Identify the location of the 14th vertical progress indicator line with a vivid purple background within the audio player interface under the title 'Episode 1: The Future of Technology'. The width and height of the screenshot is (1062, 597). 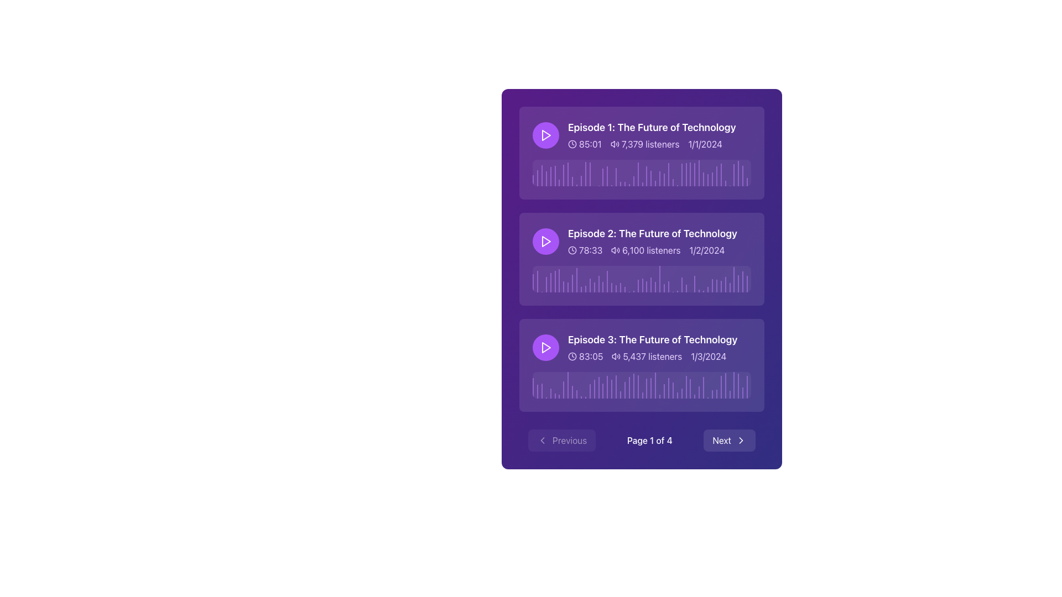
(589, 174).